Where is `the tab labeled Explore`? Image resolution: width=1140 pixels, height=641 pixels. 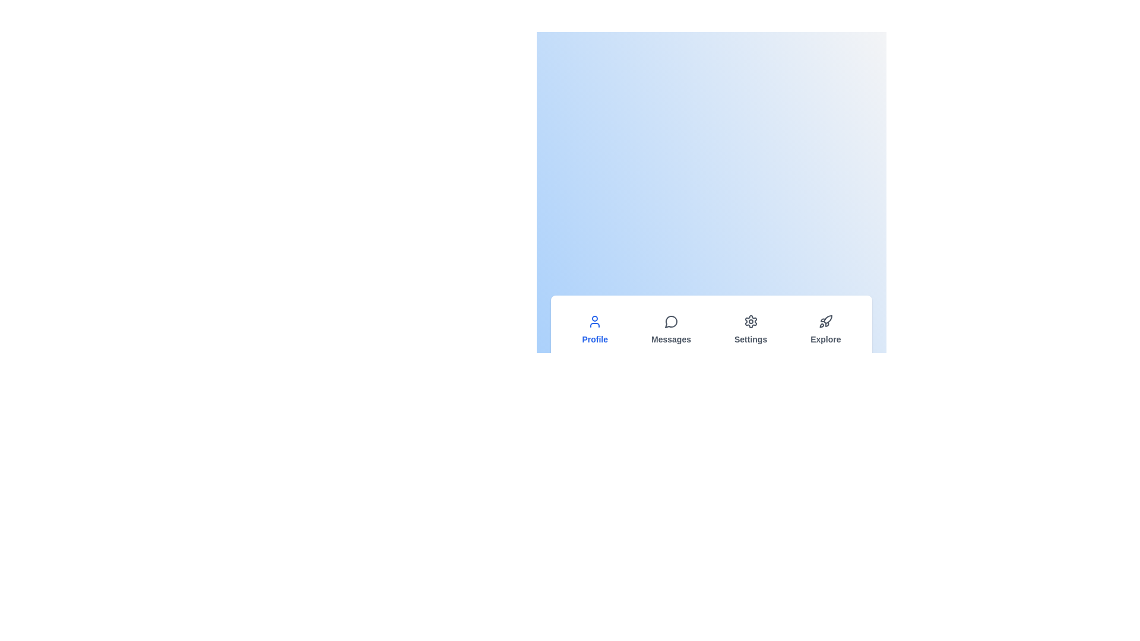
the tab labeled Explore is located at coordinates (825, 329).